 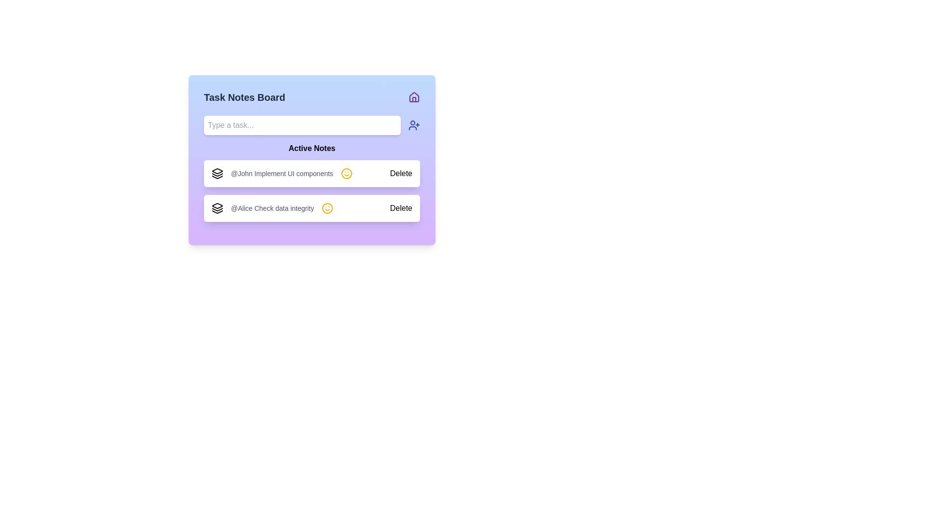 I want to click on the 'Delete' button located on the right side of the task entry for '@John Implement UI components', so click(x=401, y=173).